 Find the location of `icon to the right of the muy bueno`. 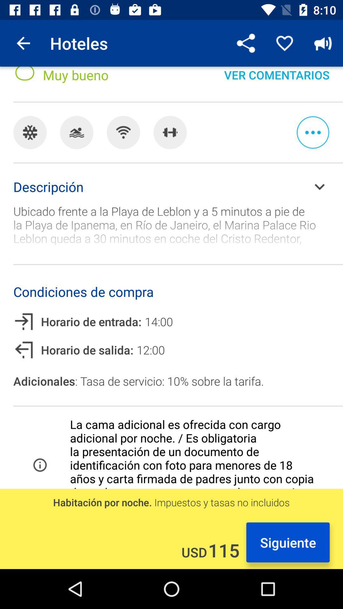

icon to the right of the muy bueno is located at coordinates (246, 43).